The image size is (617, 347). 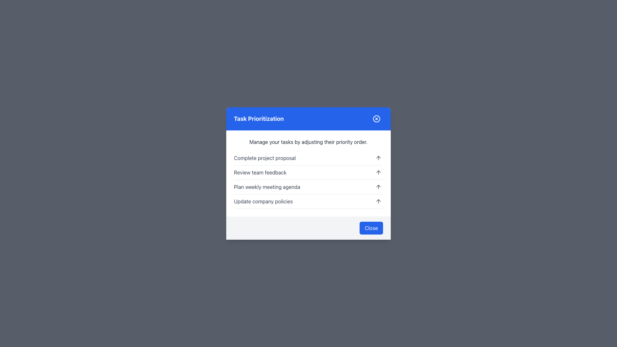 I want to click on the small circular button with a solid blue background and a white stroke icon of a circle with a cross inside, located in the top-right corner of the blue header bar in the 'Task Prioritization' dialog, so click(x=376, y=119).